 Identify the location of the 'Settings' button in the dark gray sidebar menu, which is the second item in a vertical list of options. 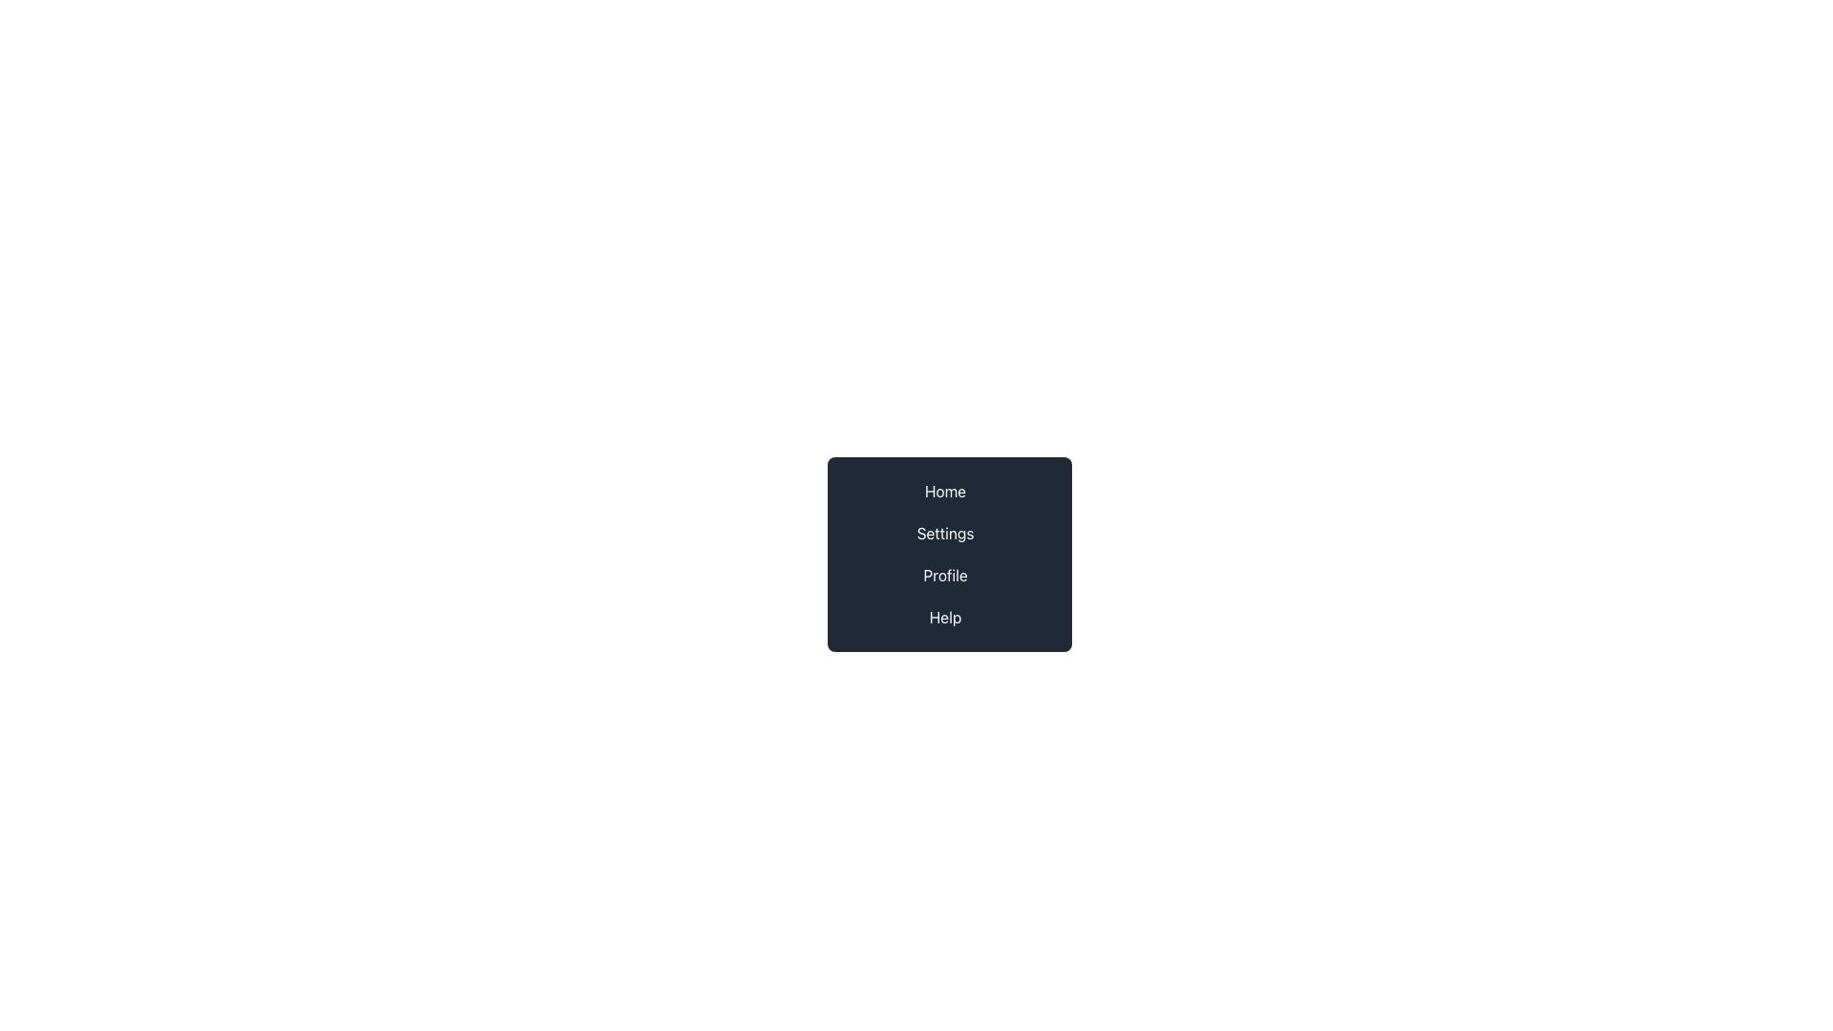
(949, 534).